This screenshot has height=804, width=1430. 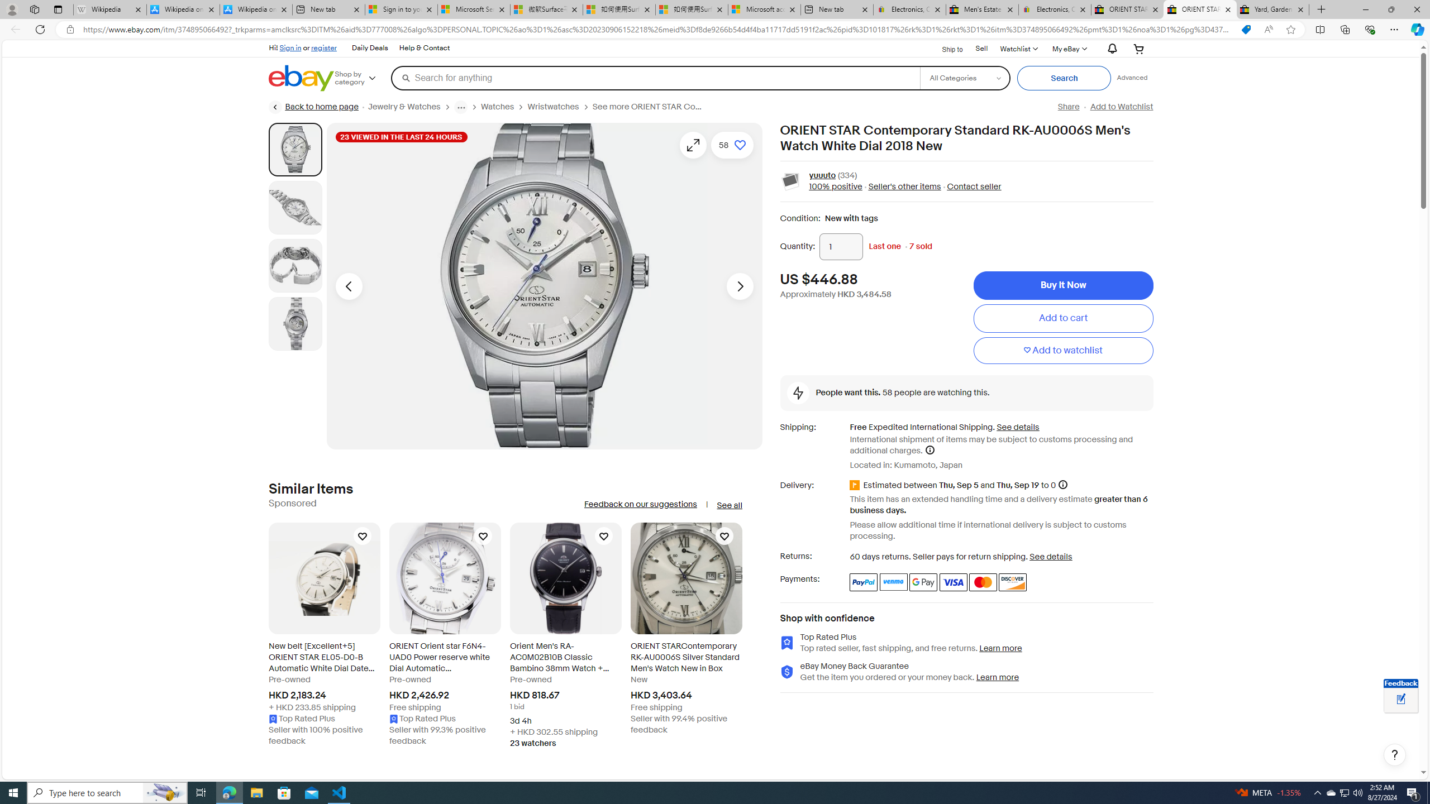 What do you see at coordinates (1121, 107) in the screenshot?
I see `'Add to Watchlist'` at bounding box center [1121, 107].